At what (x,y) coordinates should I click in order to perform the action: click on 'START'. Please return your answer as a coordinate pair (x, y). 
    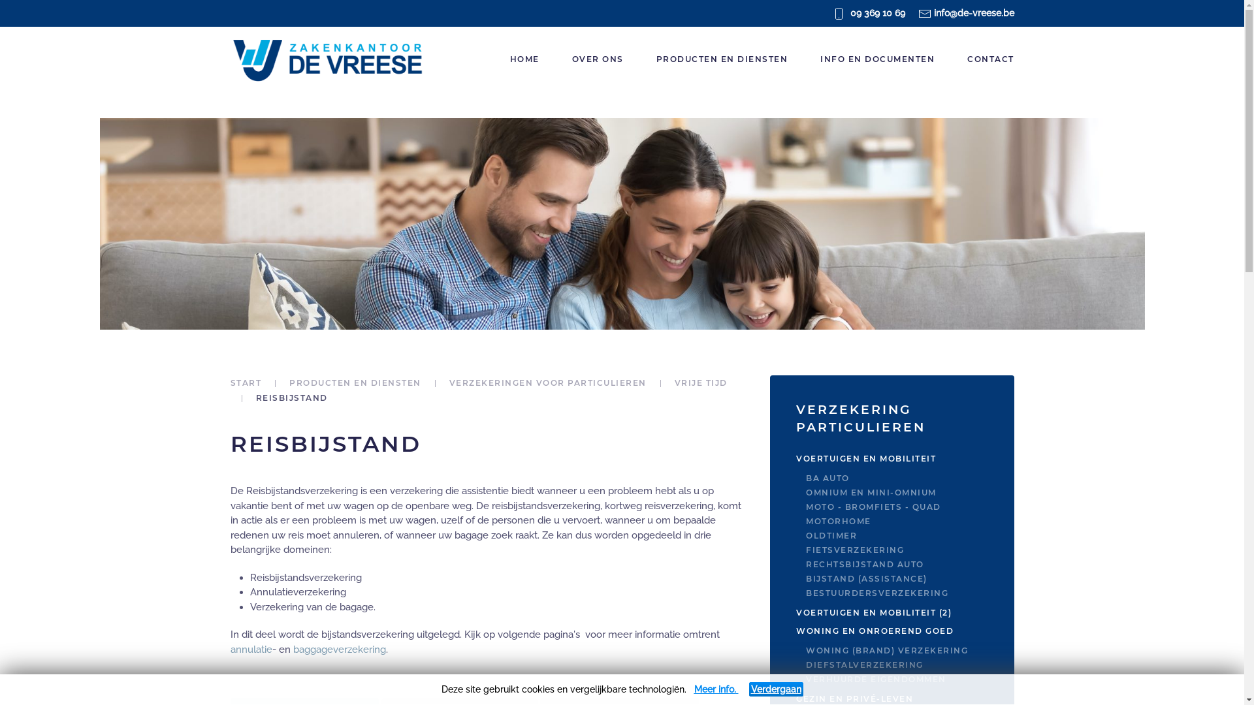
    Looking at the image, I should click on (245, 382).